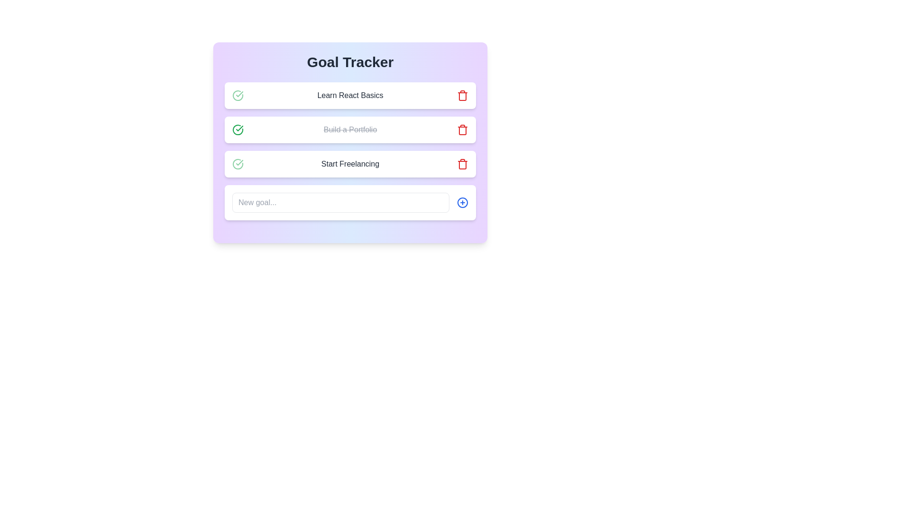  Describe the element at coordinates (340, 202) in the screenshot. I see `the input field for new goals to focus on it` at that location.